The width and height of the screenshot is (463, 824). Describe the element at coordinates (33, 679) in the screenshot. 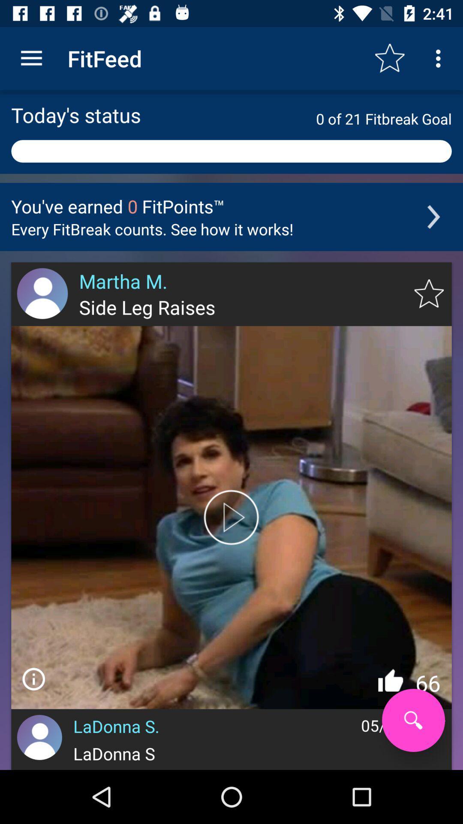

I see `find info about the person` at that location.